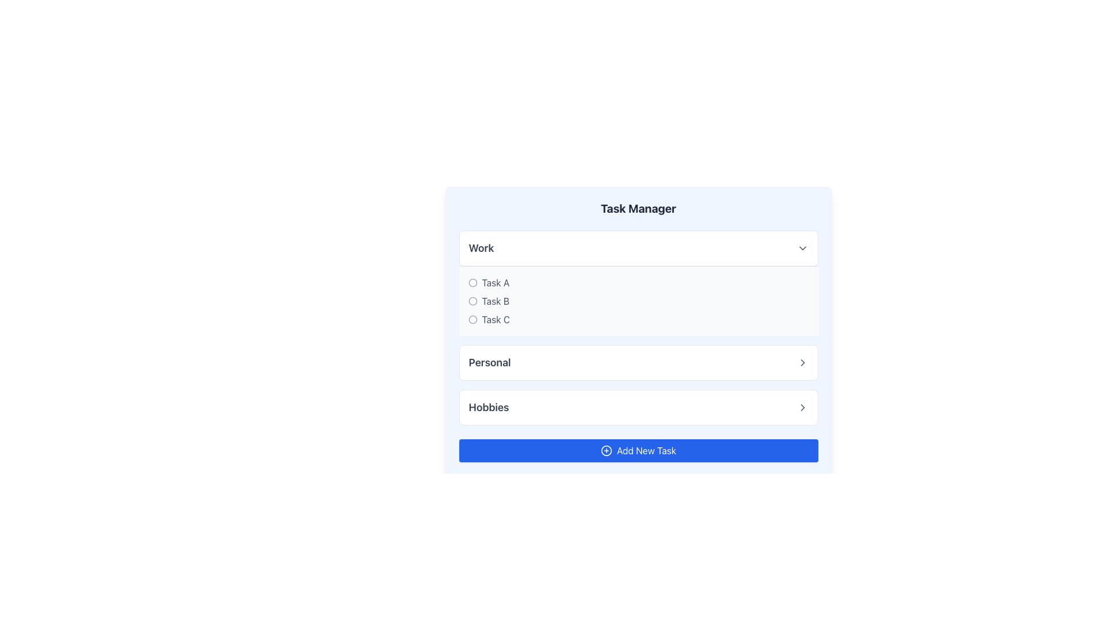  Describe the element at coordinates (496, 301) in the screenshot. I see `the text label for 'Task B', which is the second task in the 'Work' category list in the 'Task Manager' interface` at that location.